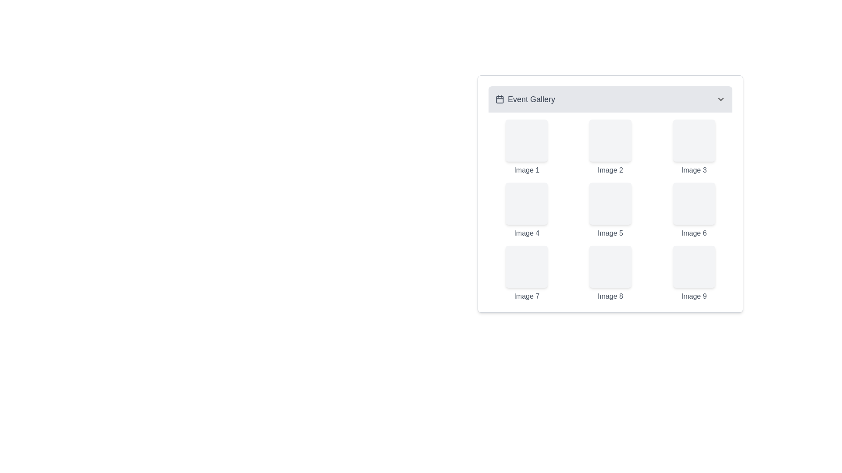 The width and height of the screenshot is (842, 473). I want to click on the Gallery Item displaying 'Image 3', which is a square image placeholder with rounded corners and a light gray background, located, so click(693, 147).